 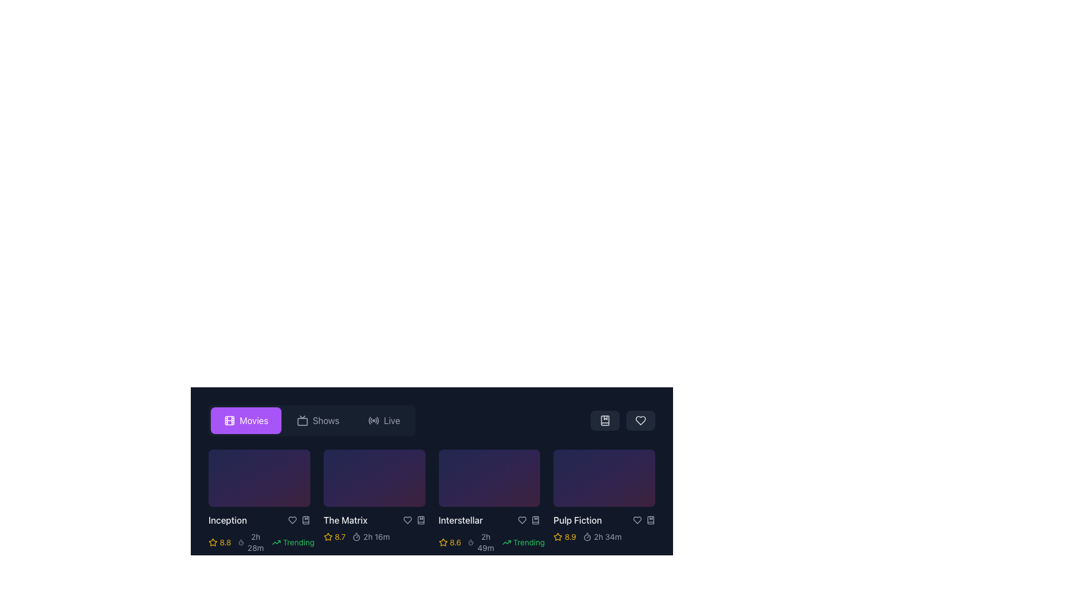 I want to click on the small square icon resembling a book located in the second slot of the grouped icons at the bottom of 'The Matrix' card, so click(x=305, y=520).